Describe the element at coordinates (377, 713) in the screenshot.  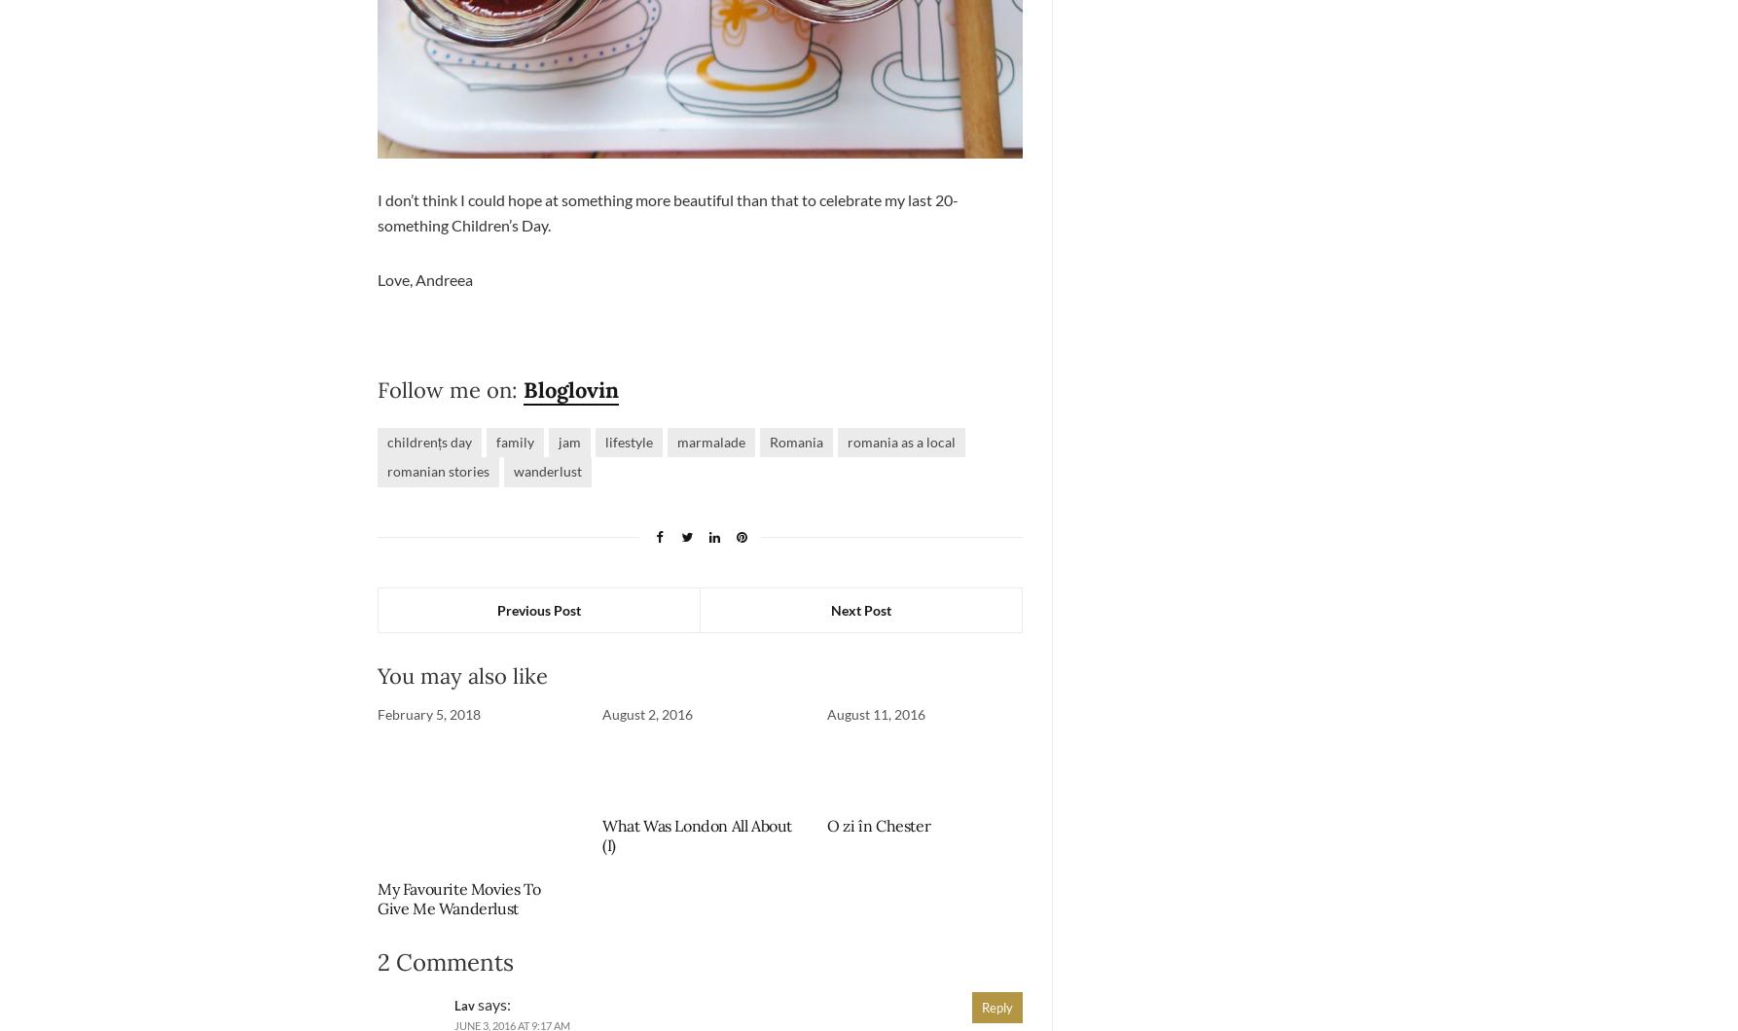
I see `'February 5, 2018'` at that location.